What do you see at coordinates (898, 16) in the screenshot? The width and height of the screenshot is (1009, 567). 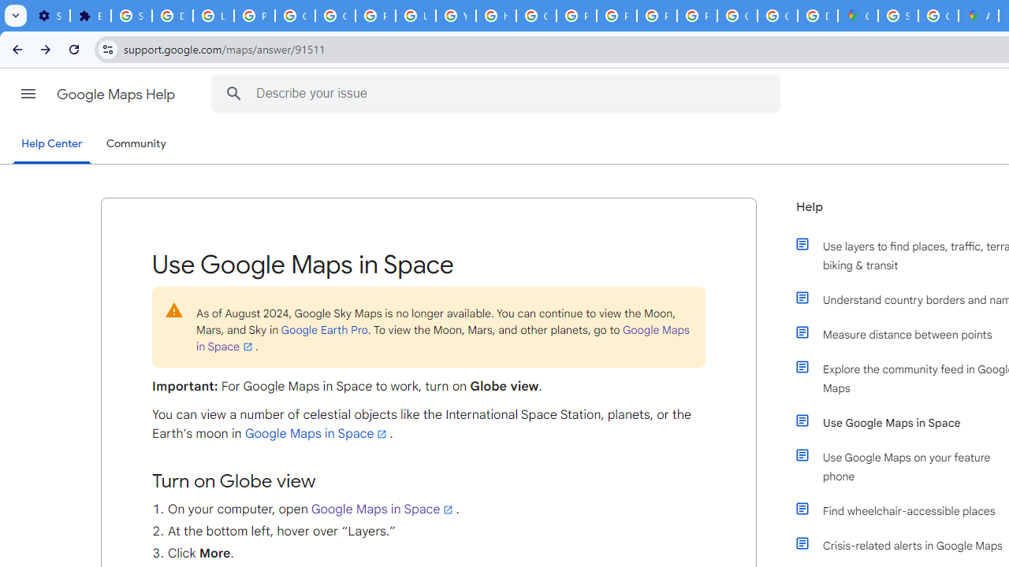 I see `'Sign in - Google Accounts'` at bounding box center [898, 16].